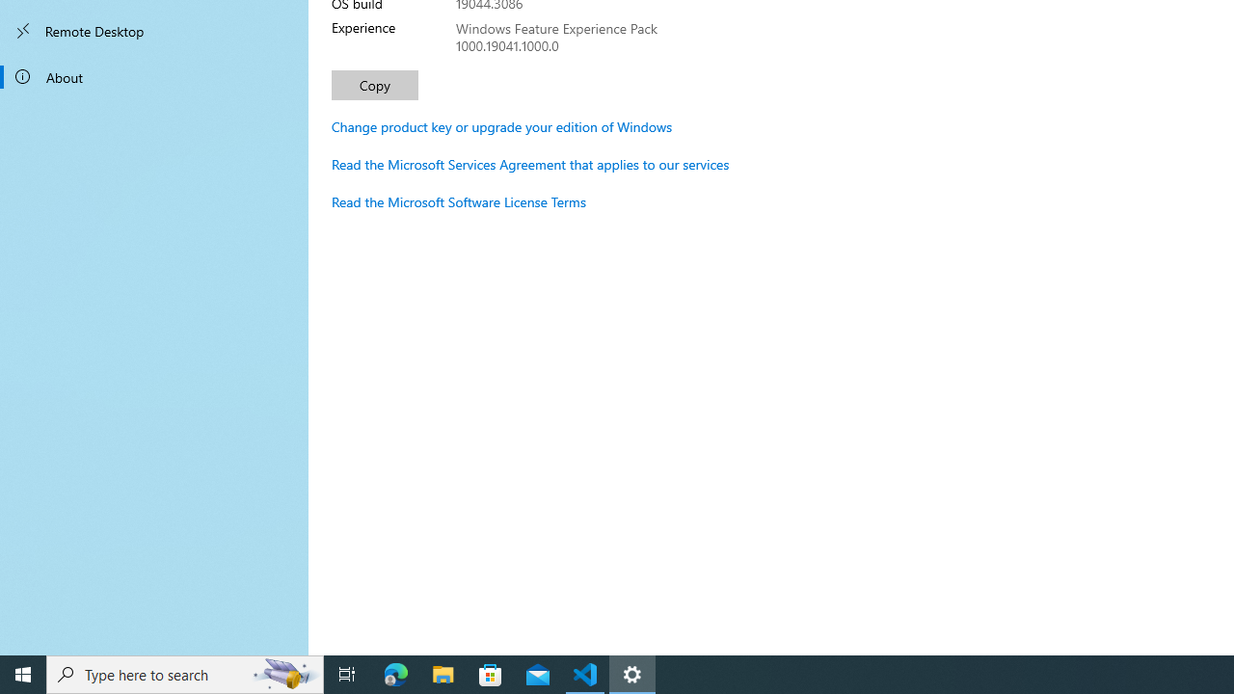 The height and width of the screenshot is (694, 1234). I want to click on 'Change product key or upgrade your edition of Windows', so click(501, 126).